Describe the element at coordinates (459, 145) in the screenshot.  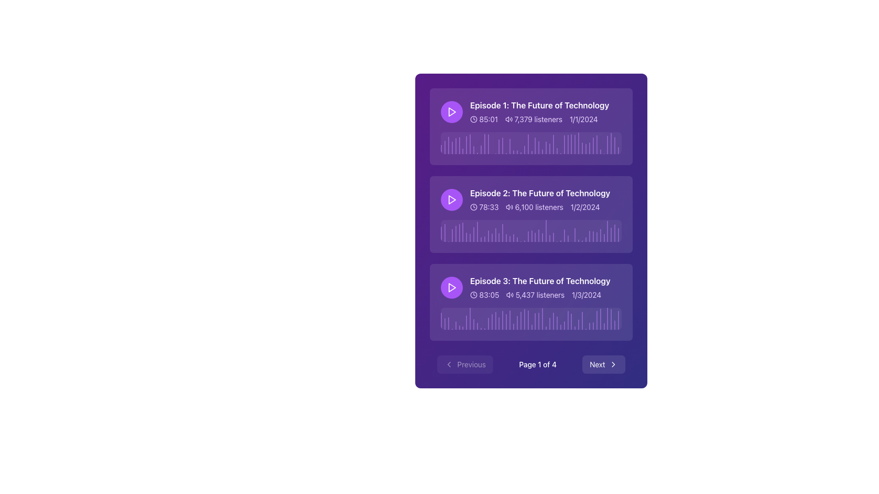
I see `the decorative visual indicator representing a segment of the waveform in the first list item of the audio episodes panel, specifically the 6th segment from the left` at that location.